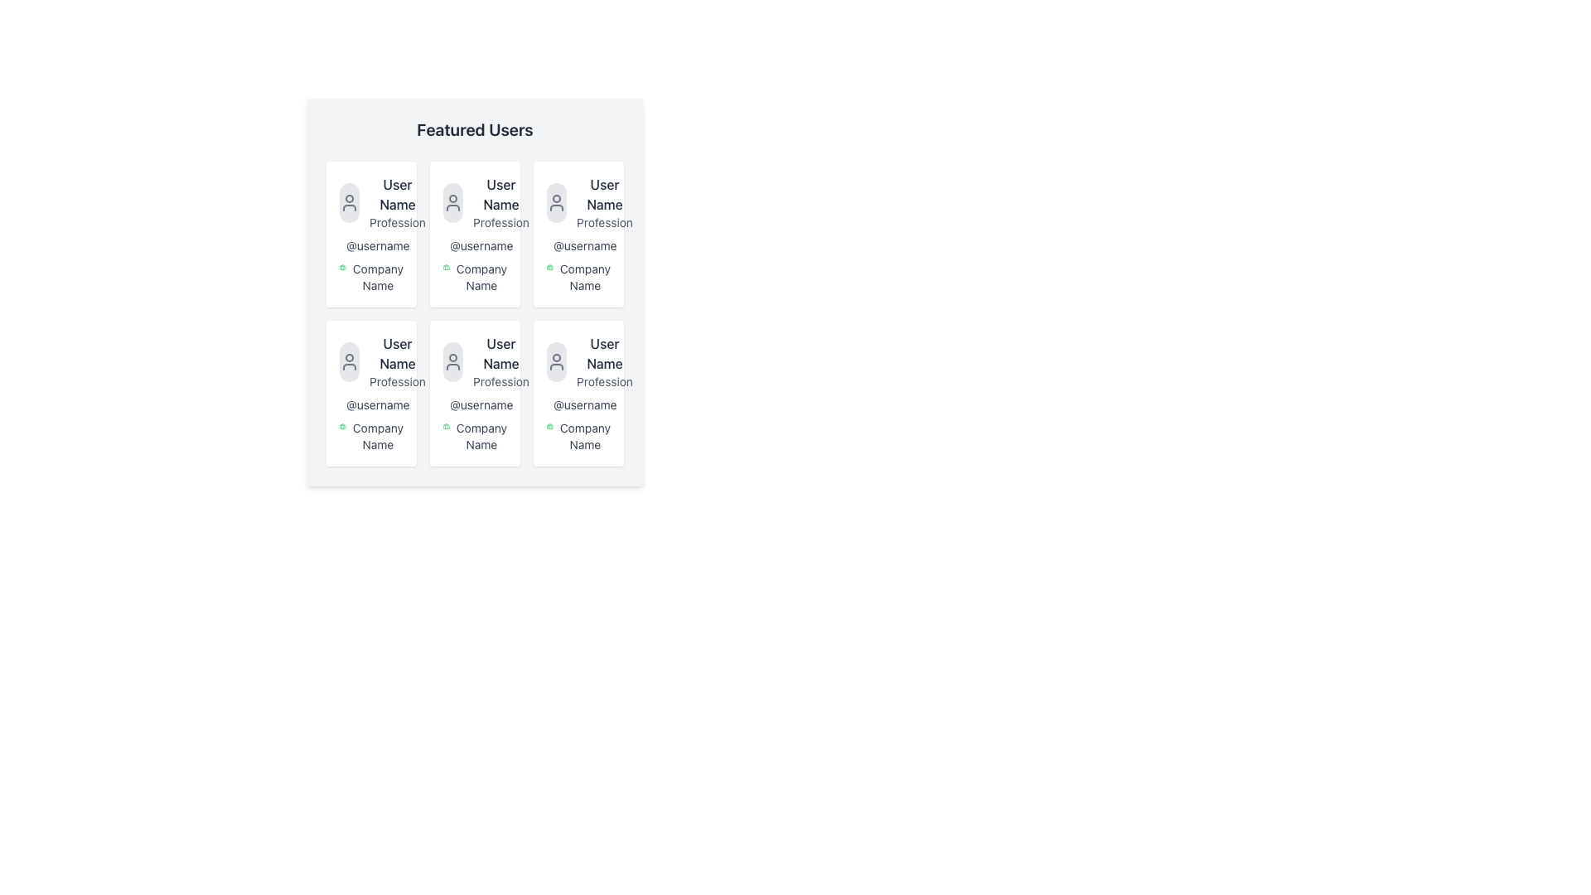 Image resolution: width=1591 pixels, height=895 pixels. Describe the element at coordinates (398, 360) in the screenshot. I see `the Text block that displays the identification and role description of a featured user, located in the first column and second row of the grid under the 'Featured Users' heading` at that location.